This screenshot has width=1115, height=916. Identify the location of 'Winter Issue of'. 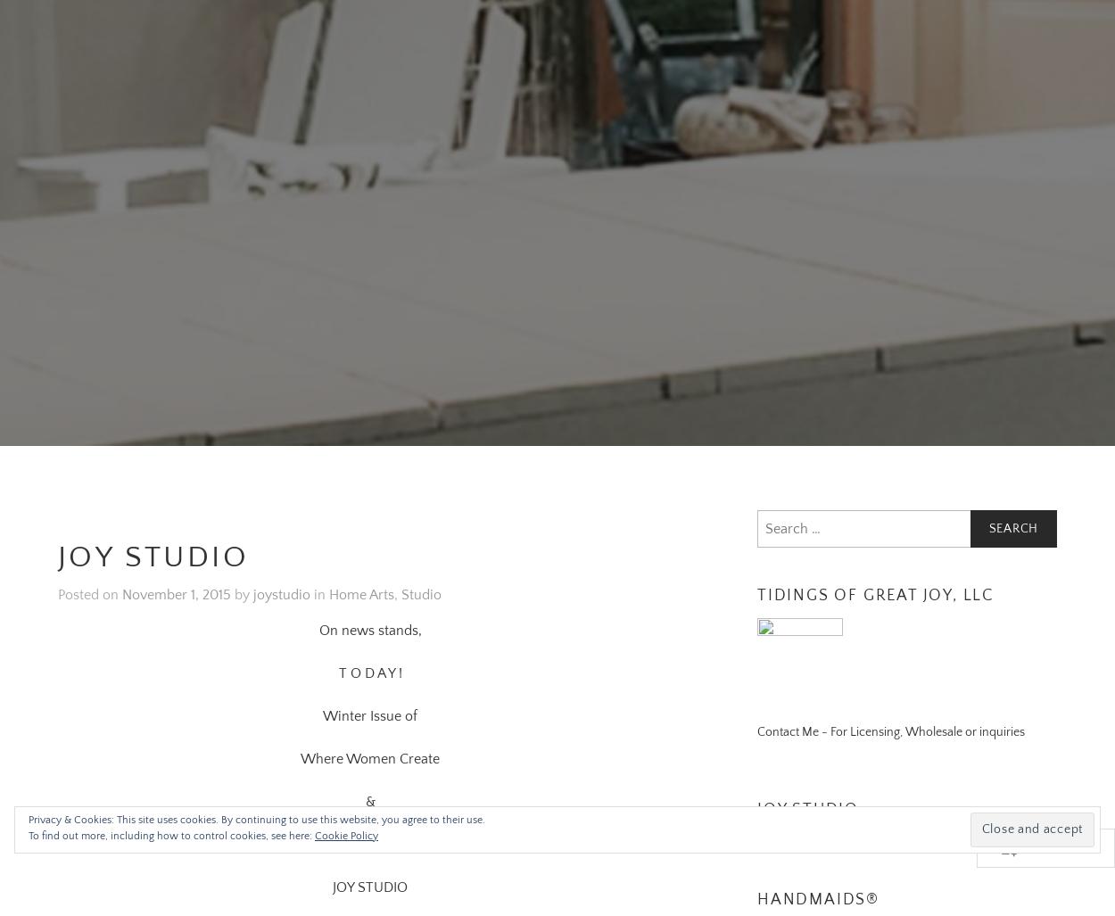
(370, 693).